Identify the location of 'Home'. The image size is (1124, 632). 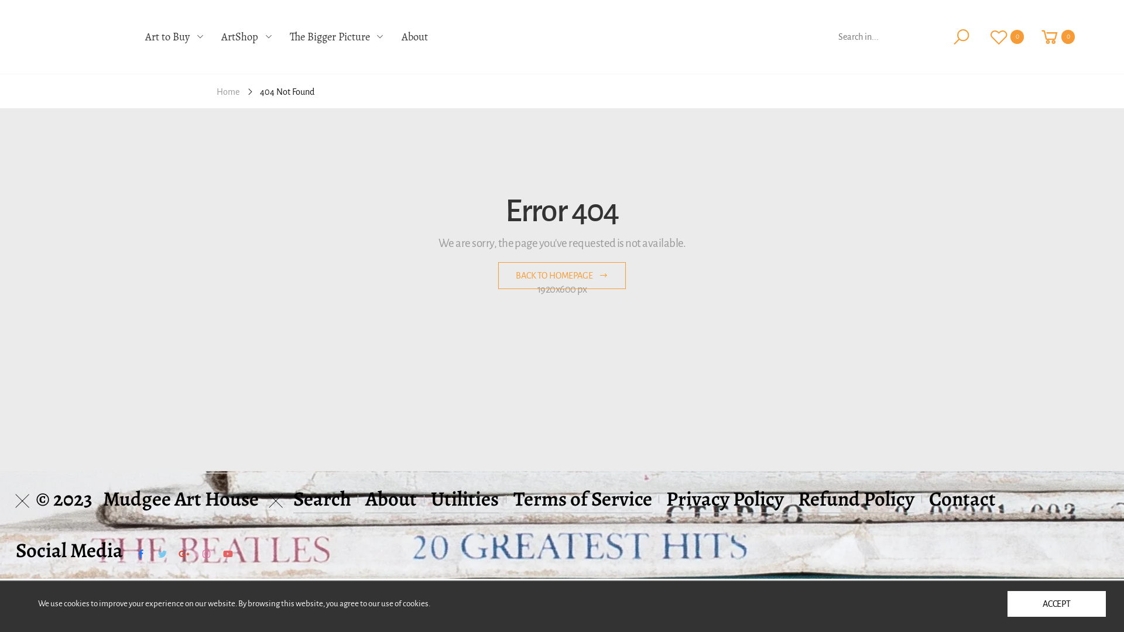
(228, 91).